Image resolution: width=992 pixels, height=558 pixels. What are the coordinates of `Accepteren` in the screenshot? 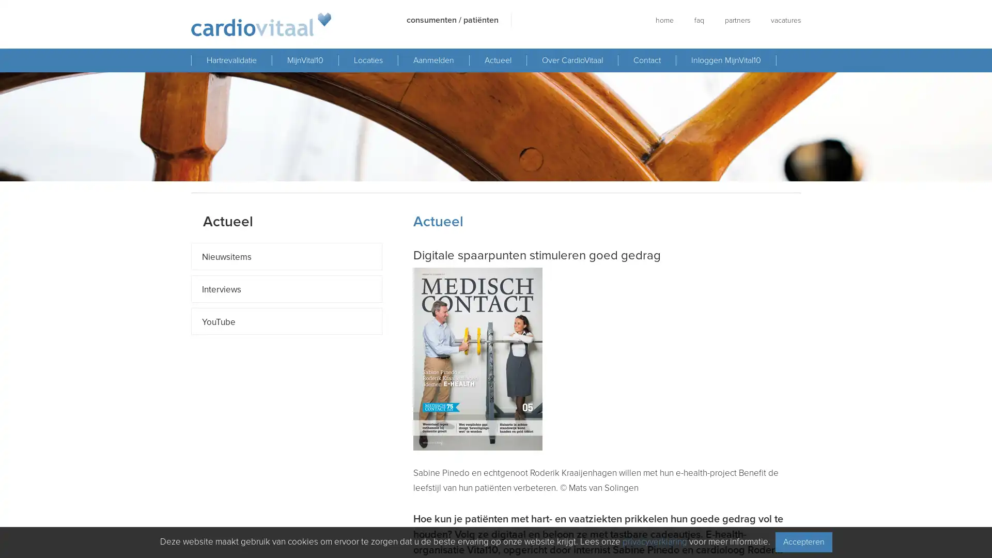 It's located at (803, 541).